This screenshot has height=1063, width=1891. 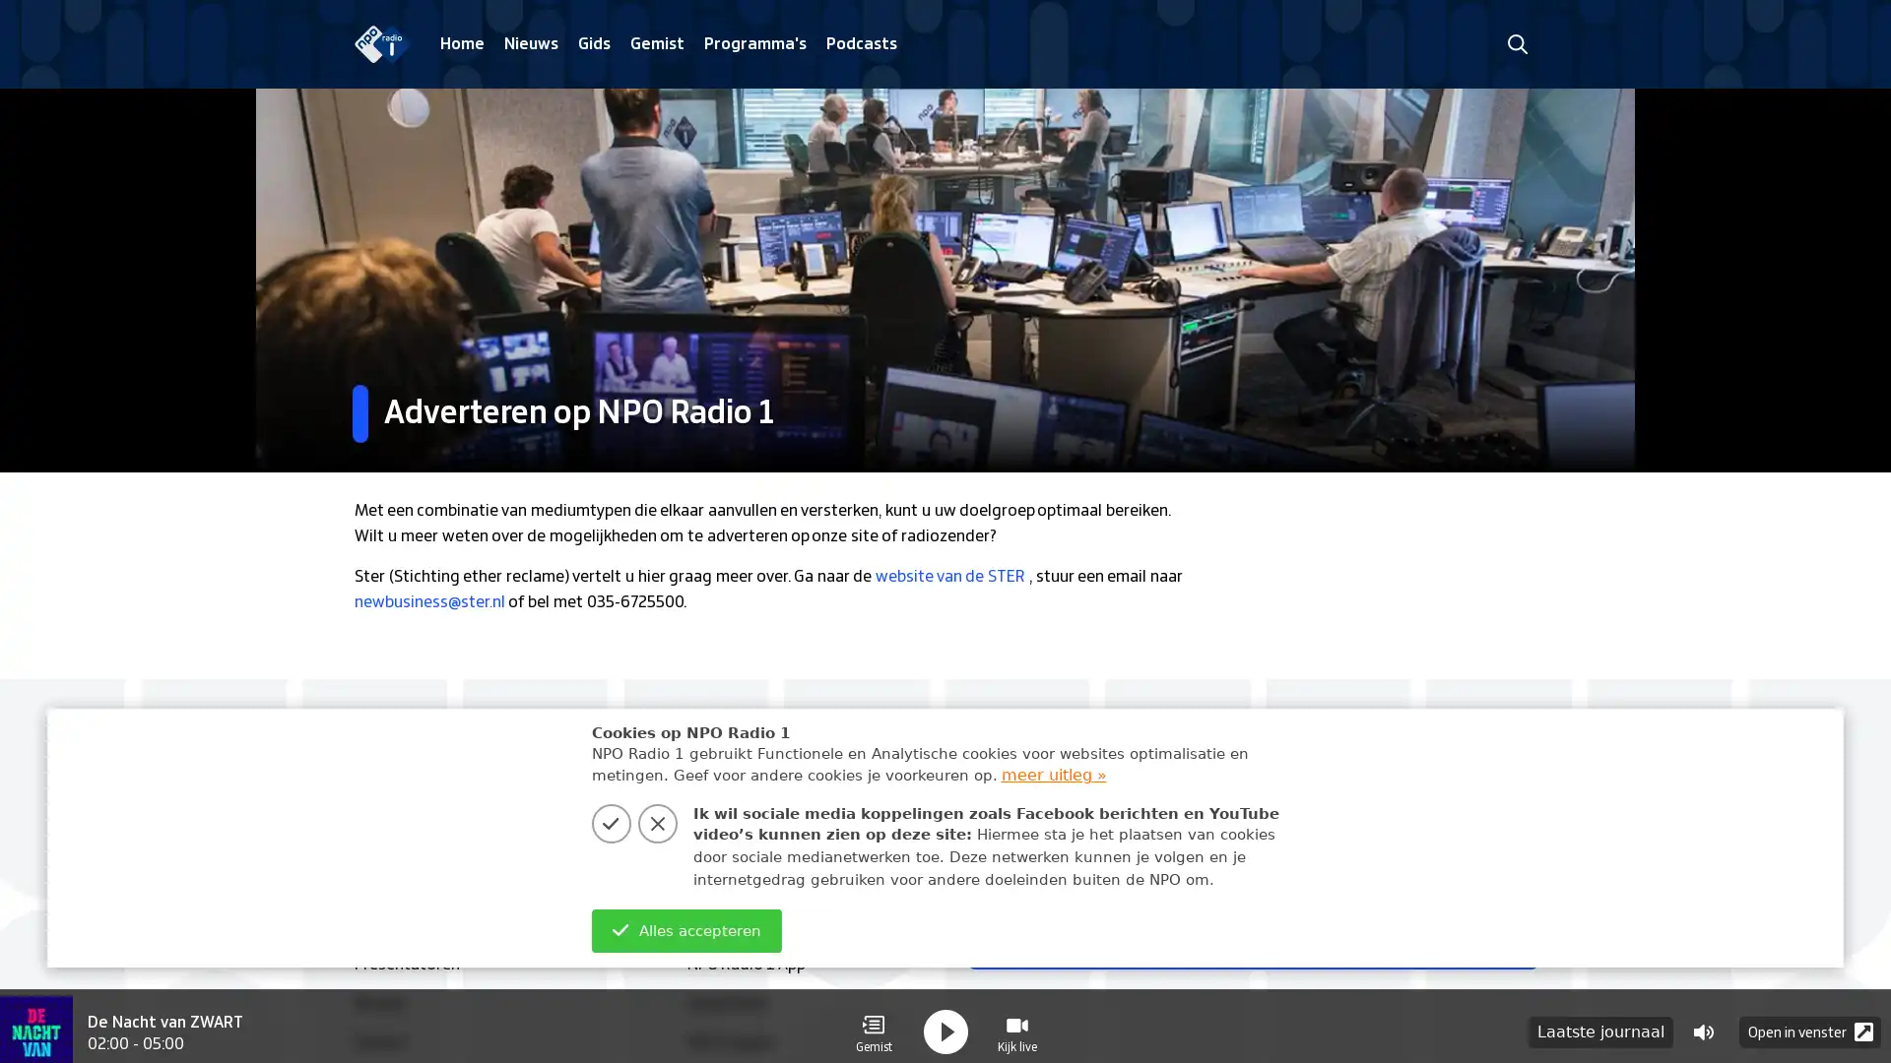 I want to click on zoeken, so click(x=1516, y=43).